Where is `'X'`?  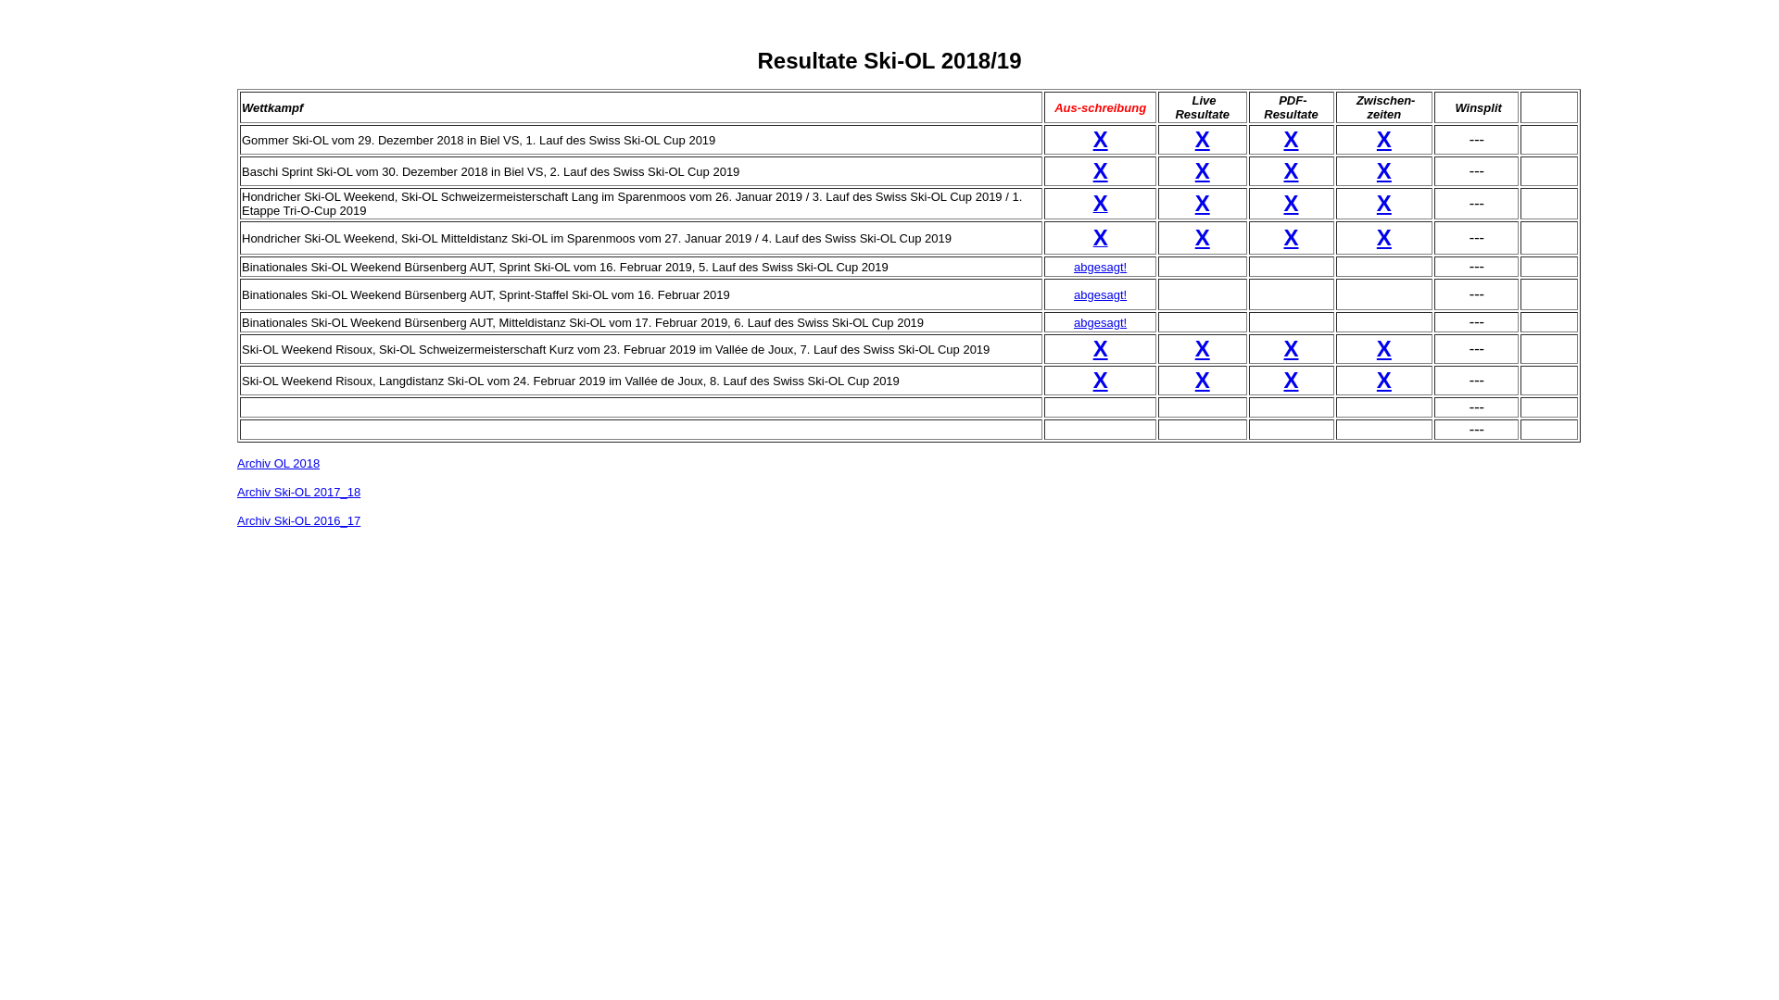
'X' is located at coordinates (1101, 379).